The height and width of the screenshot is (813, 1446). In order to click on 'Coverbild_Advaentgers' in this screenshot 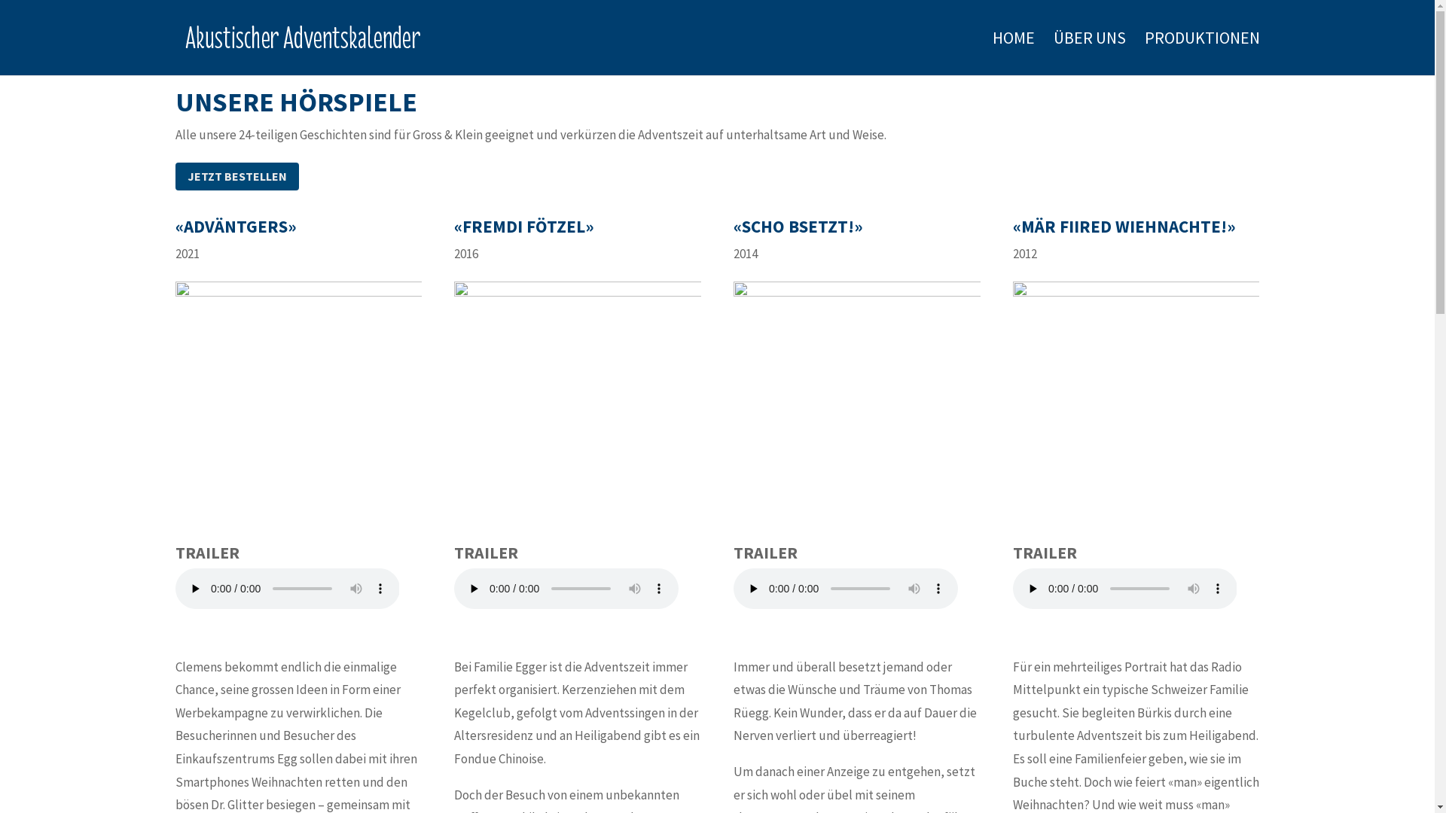, I will do `click(298, 403)`.